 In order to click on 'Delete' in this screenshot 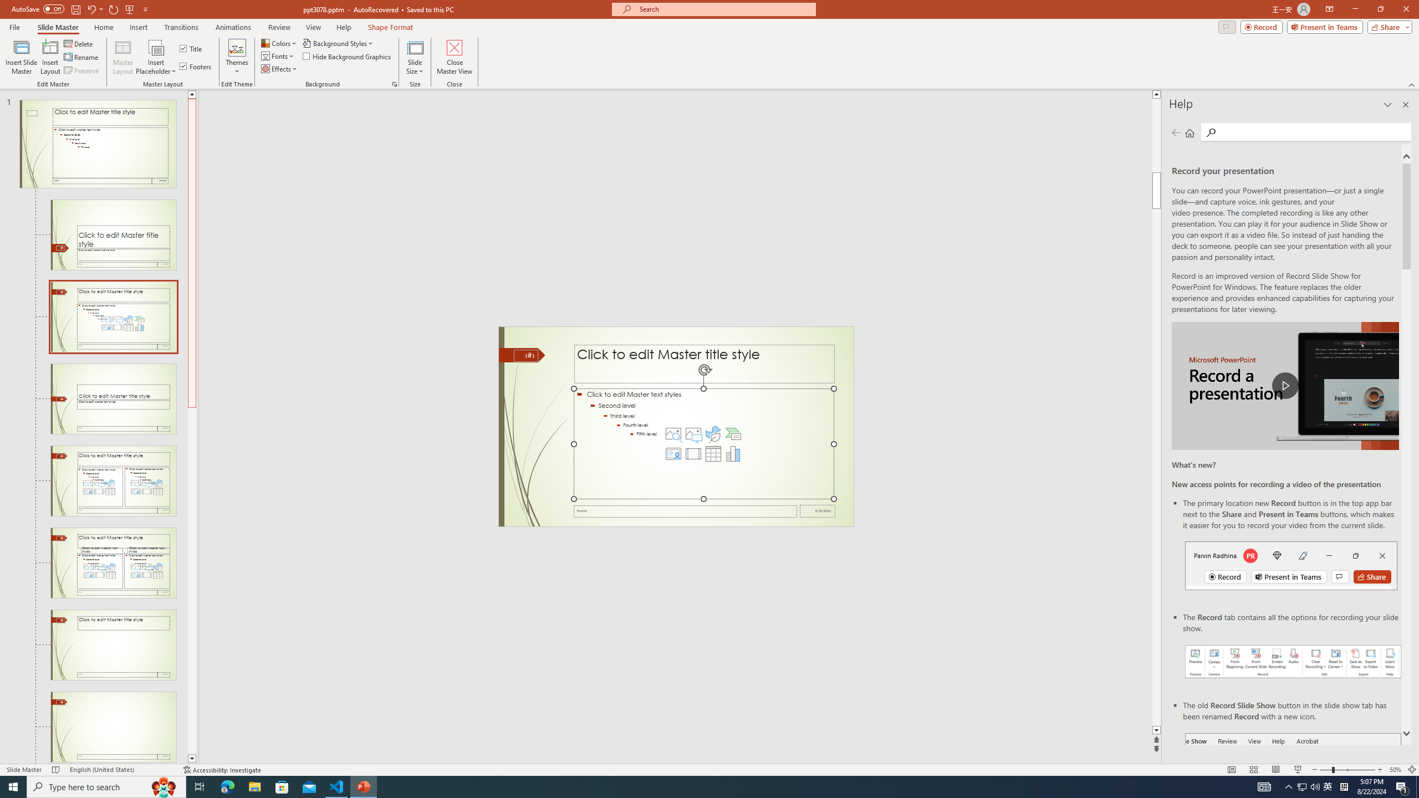, I will do `click(79, 43)`.